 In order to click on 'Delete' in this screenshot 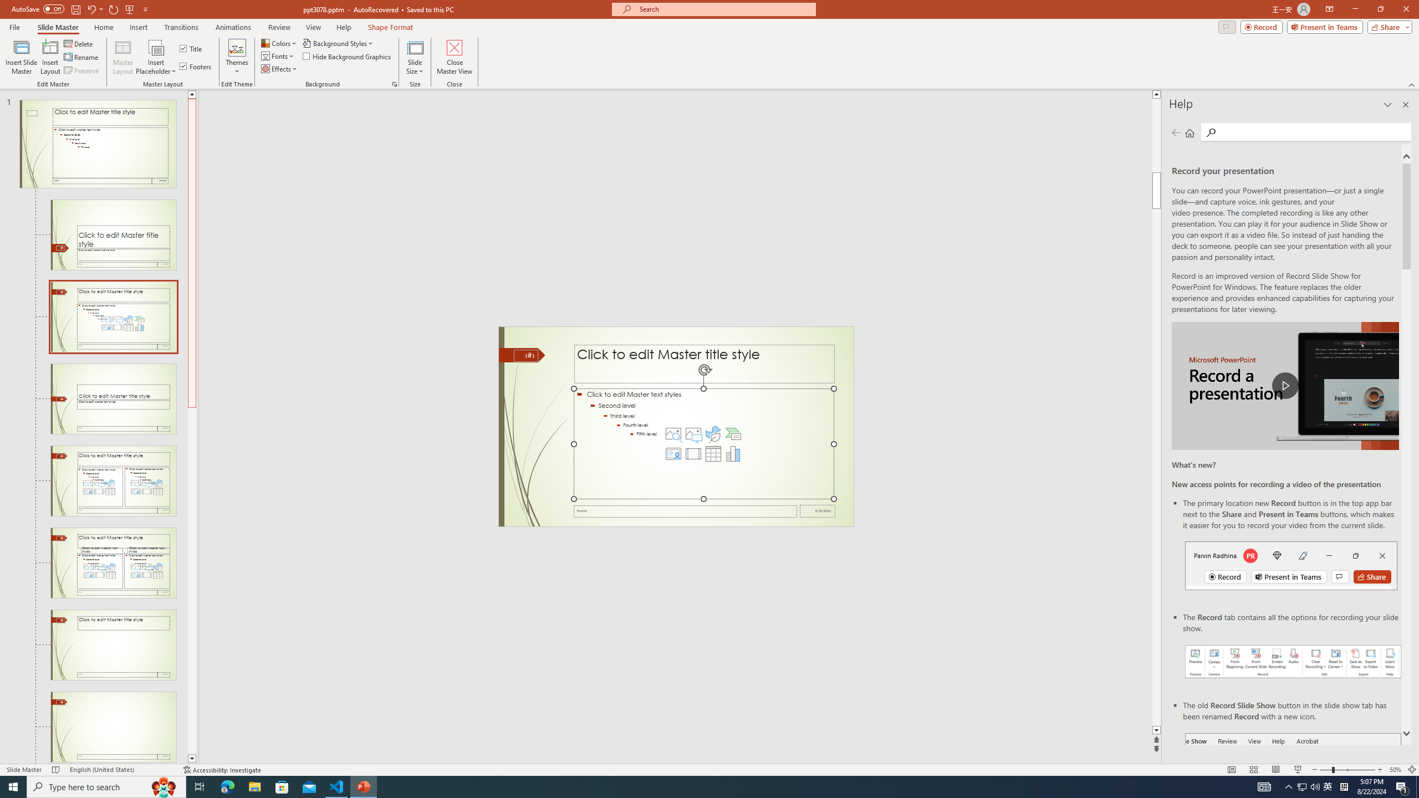, I will do `click(79, 43)`.